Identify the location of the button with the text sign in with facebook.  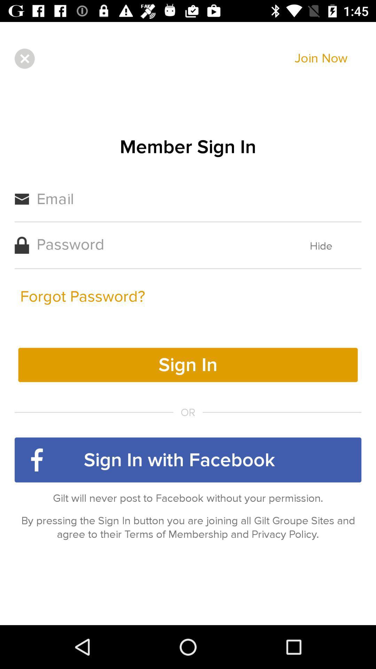
(188, 460).